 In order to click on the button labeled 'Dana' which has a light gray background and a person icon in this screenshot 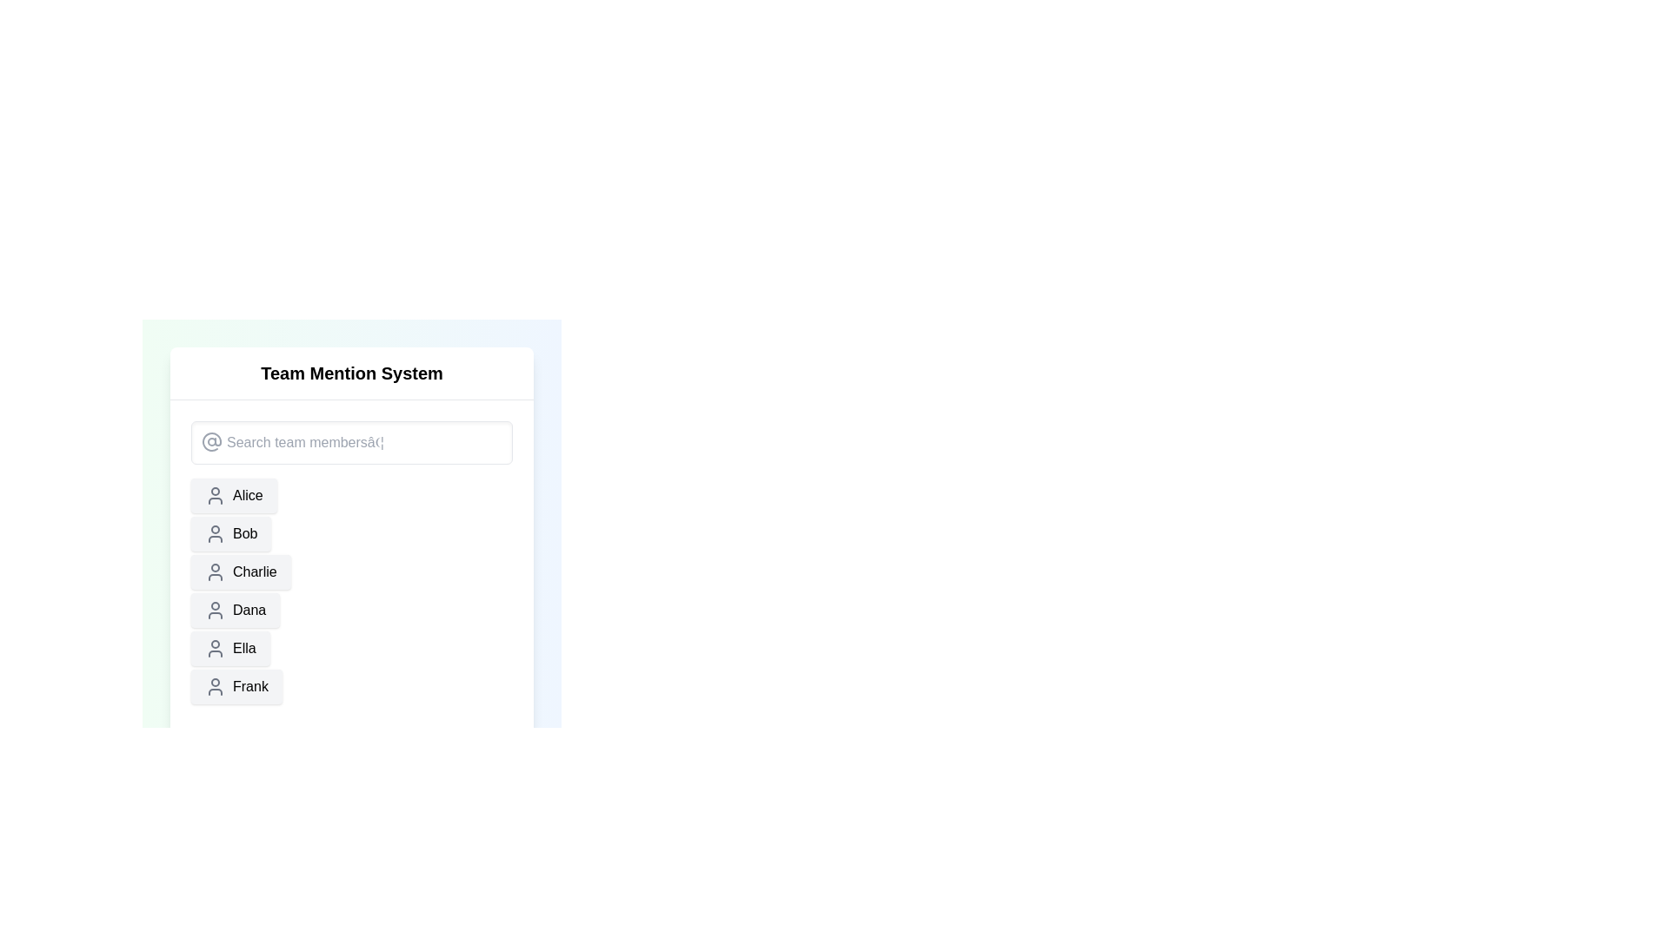, I will do `click(235, 609)`.